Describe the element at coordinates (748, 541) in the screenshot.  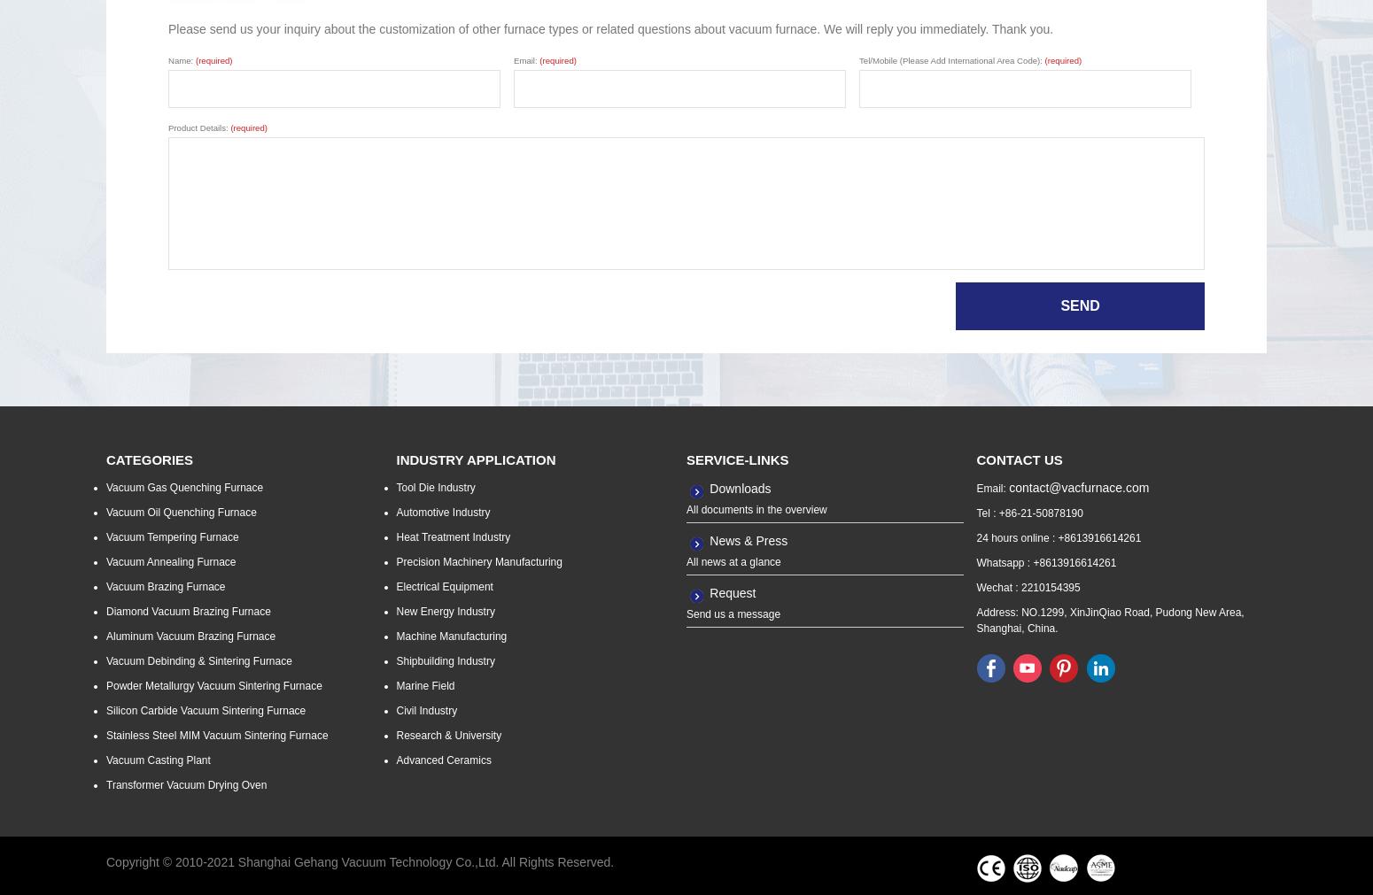
I see `'News & Press'` at that location.